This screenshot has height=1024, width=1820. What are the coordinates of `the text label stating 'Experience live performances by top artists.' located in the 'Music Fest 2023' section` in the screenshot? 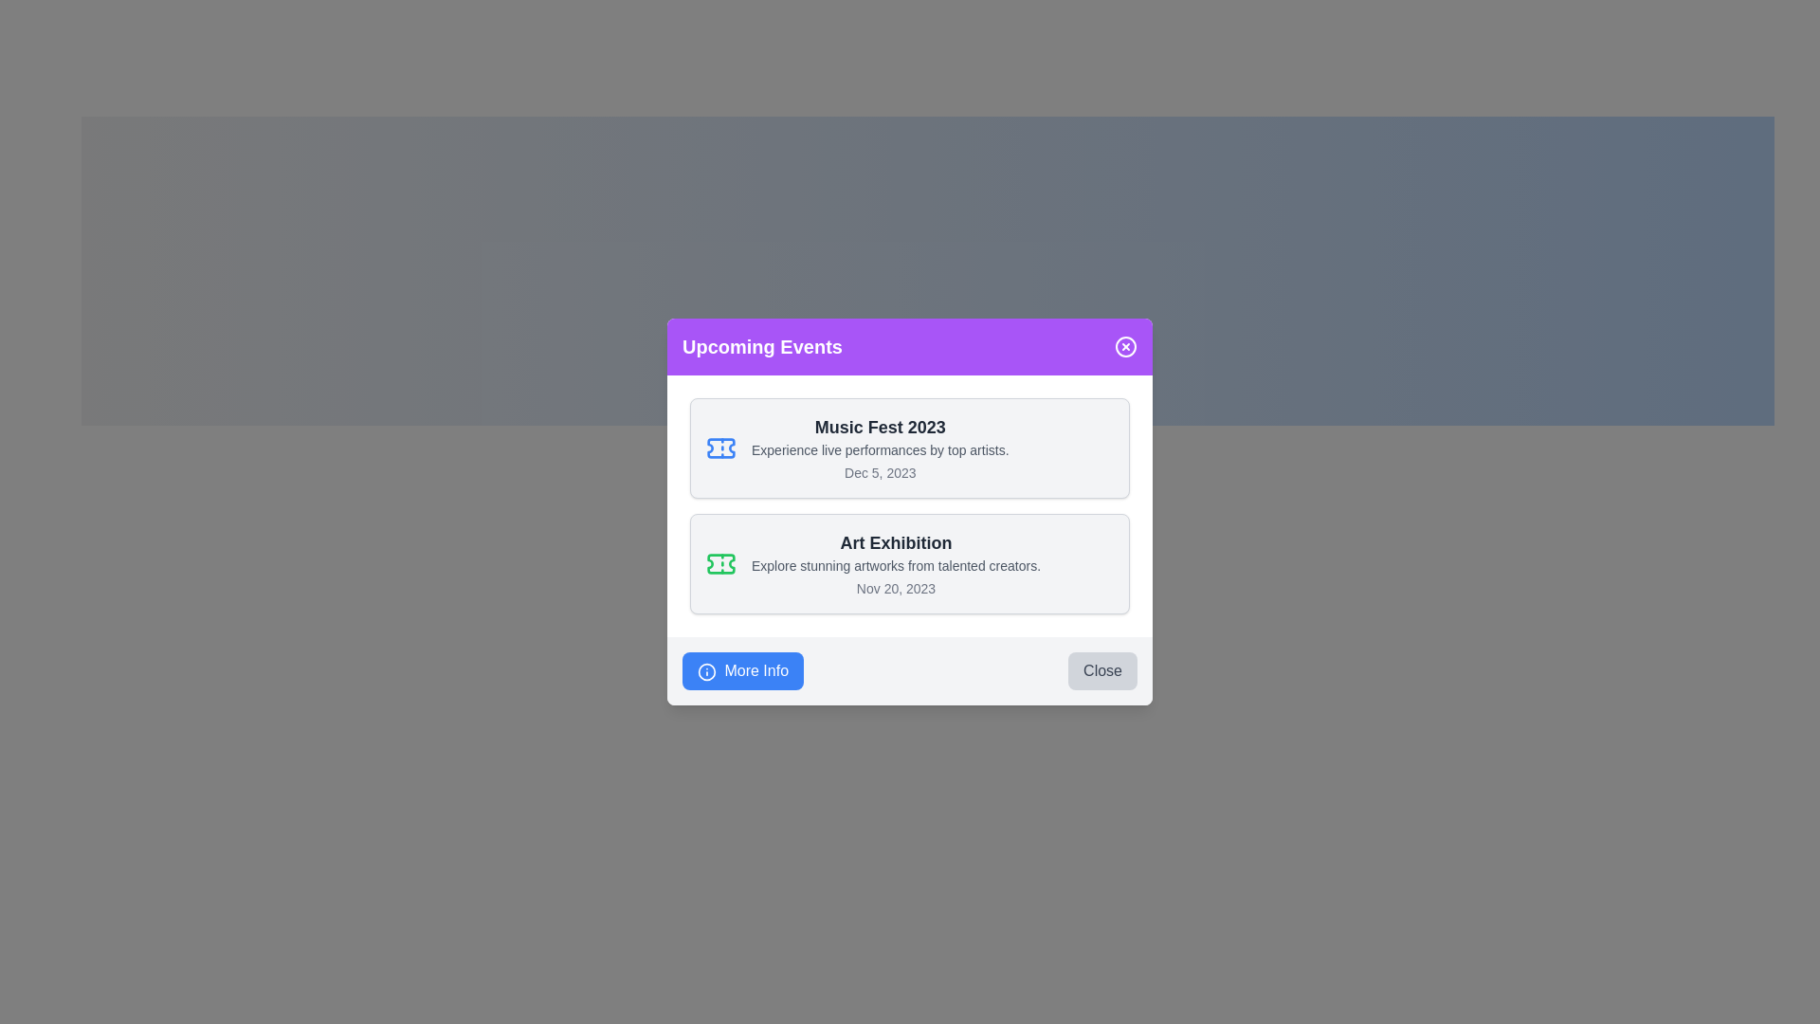 It's located at (879, 449).